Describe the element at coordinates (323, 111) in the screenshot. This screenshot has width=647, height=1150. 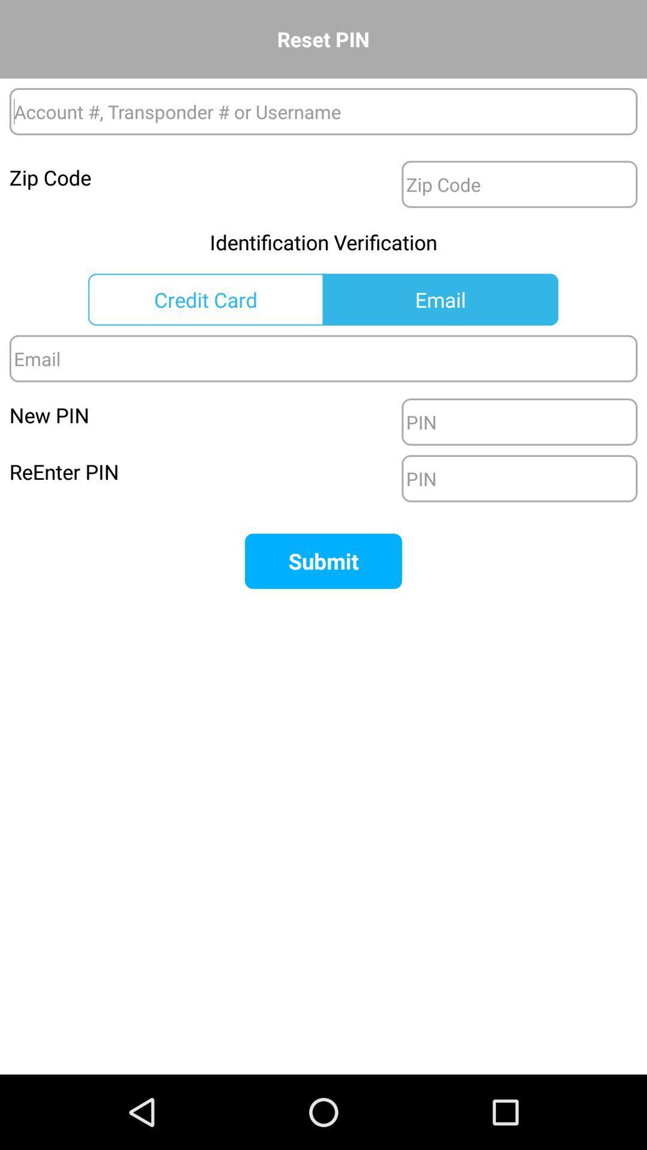
I see `the text box below reset pin option` at that location.